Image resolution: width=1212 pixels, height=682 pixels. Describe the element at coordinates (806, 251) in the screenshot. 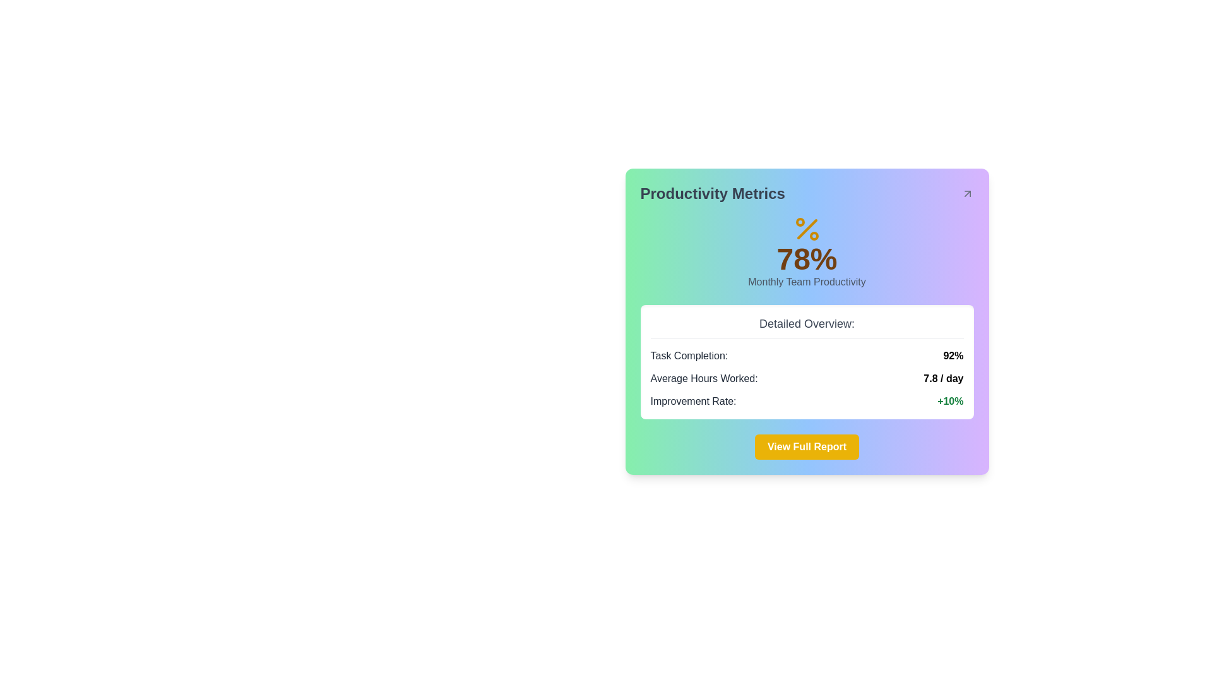

I see `the 'Monthly Team Productivity' informational block that displays a value of '78%'` at that location.